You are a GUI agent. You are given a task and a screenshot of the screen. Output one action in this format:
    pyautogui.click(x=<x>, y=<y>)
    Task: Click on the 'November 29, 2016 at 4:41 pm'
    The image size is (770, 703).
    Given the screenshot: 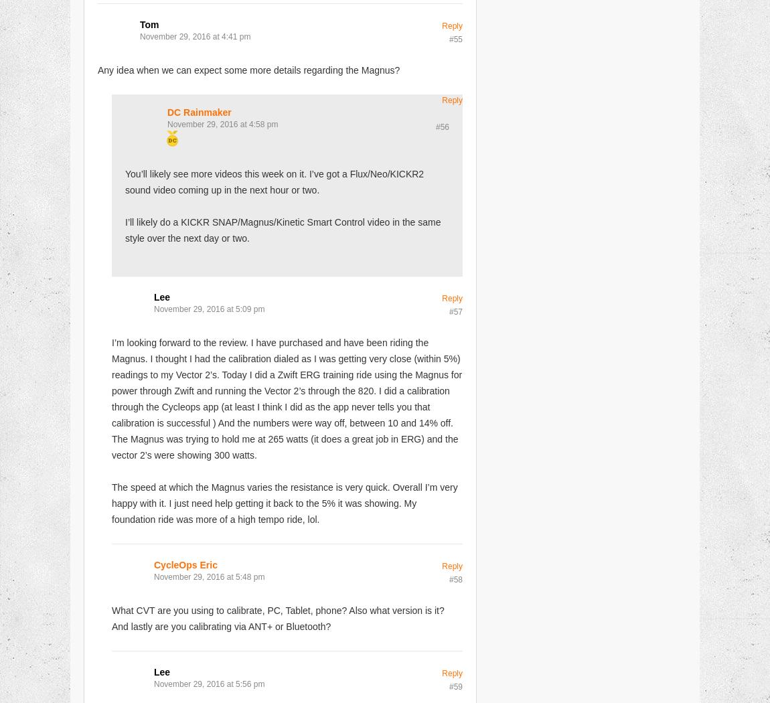 What is the action you would take?
    pyautogui.click(x=195, y=35)
    